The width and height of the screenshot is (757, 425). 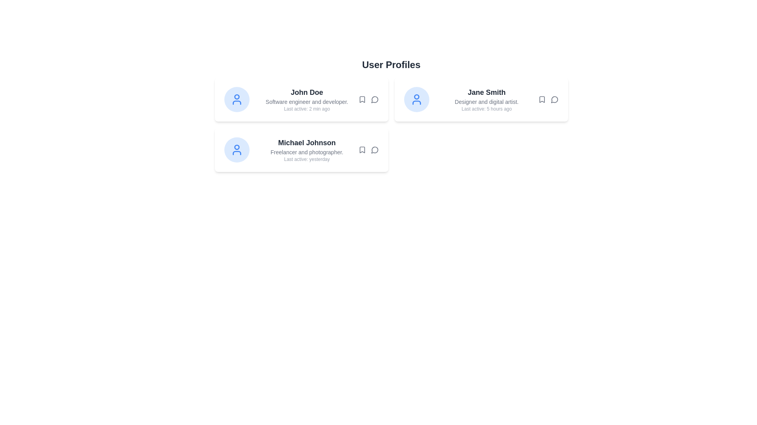 What do you see at coordinates (306, 99) in the screenshot?
I see `the informational text block that provides details about the user, John Doe, including their name, role, and activity status, located centrally in the leftmost profile card` at bounding box center [306, 99].